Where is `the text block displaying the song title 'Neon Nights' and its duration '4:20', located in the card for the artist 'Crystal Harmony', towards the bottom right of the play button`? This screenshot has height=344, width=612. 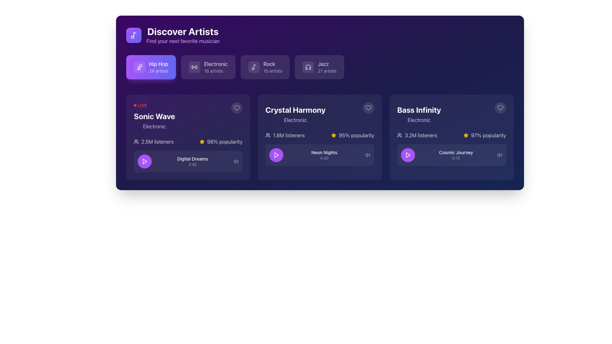
the text block displaying the song title 'Neon Nights' and its duration '4:20', located in the card for the artist 'Crystal Harmony', towards the bottom right of the play button is located at coordinates (324, 155).